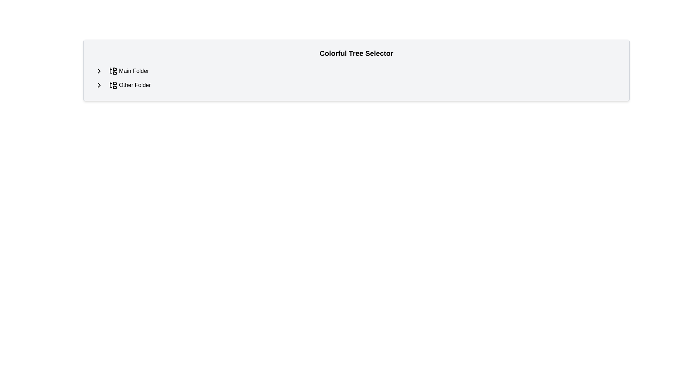  Describe the element at coordinates (113, 71) in the screenshot. I see `the folder tree structure icon located to the immediate left of the 'Main Folder' text label in the first list entry of the vertical list` at that location.